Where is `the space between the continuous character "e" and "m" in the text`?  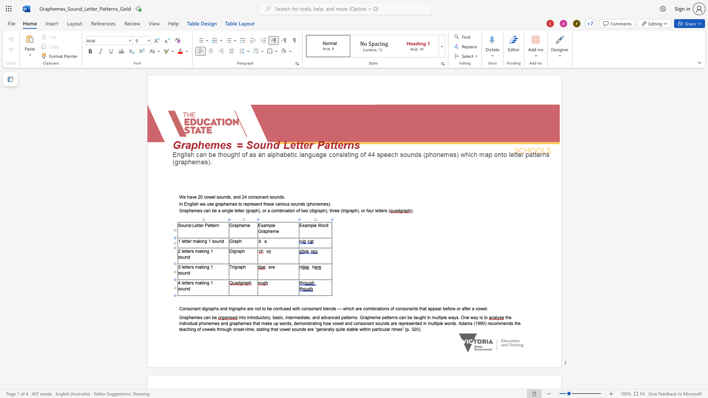
the space between the continuous character "e" and "m" in the text is located at coordinates (194, 317).